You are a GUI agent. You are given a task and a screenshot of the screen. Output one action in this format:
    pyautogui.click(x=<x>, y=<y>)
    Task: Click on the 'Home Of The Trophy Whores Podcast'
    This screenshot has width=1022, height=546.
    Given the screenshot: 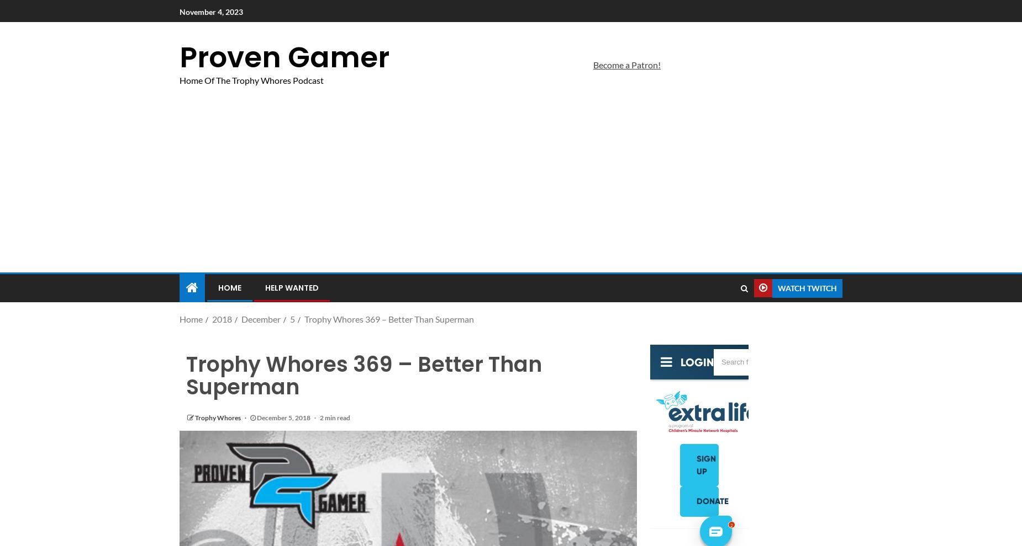 What is the action you would take?
    pyautogui.click(x=251, y=79)
    